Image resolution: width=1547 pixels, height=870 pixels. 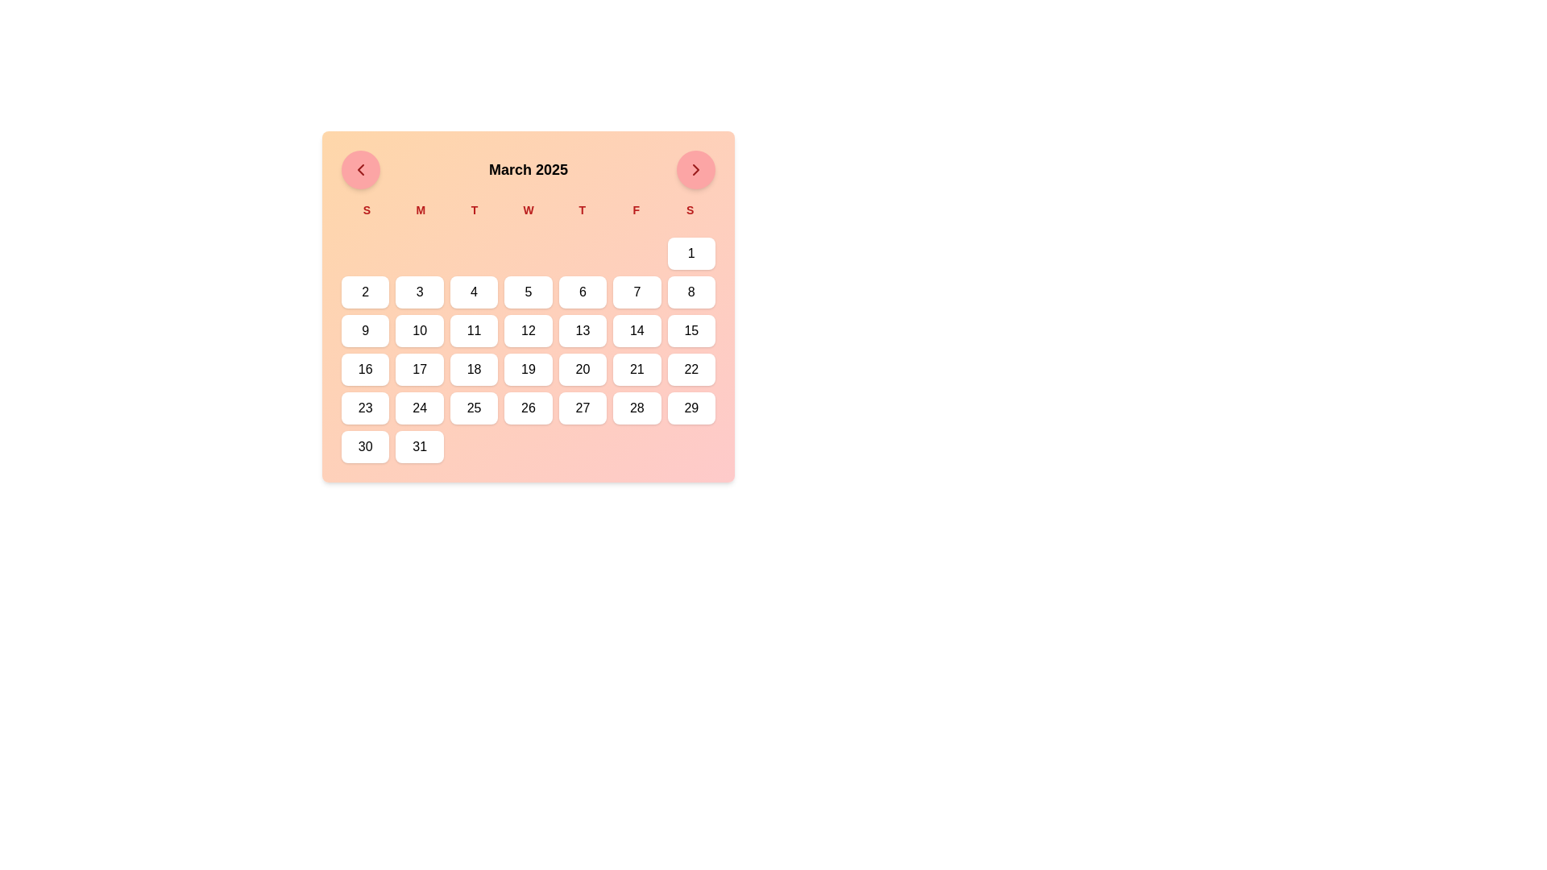 I want to click on the circular red button with a leftward-pointing arrow icon located to the left of 'March 2025' in the header bar for keyboard interaction, so click(x=359, y=170).